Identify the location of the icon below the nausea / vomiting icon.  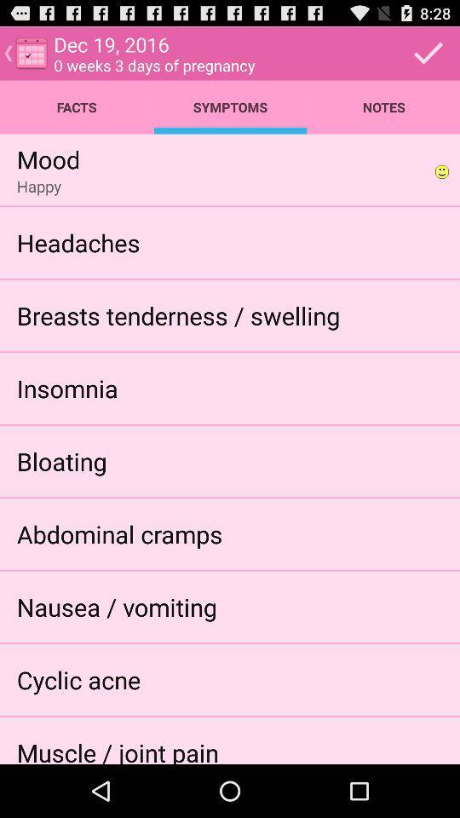
(78, 679).